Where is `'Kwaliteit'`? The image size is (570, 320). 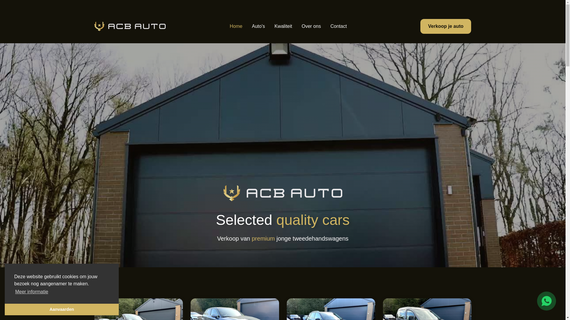 'Kwaliteit' is located at coordinates (283, 26).